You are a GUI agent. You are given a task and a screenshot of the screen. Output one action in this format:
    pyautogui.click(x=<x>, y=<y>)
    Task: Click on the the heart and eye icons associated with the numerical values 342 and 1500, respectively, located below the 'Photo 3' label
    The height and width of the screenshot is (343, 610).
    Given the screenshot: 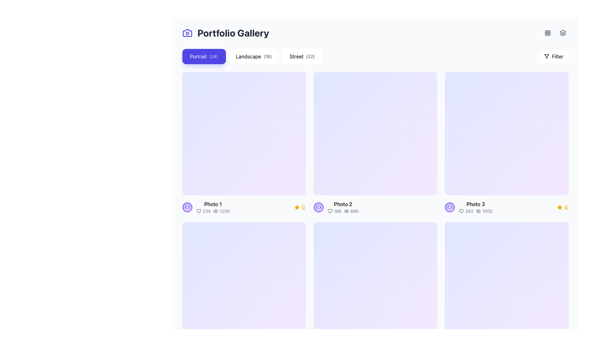 What is the action you would take?
    pyautogui.click(x=476, y=211)
    